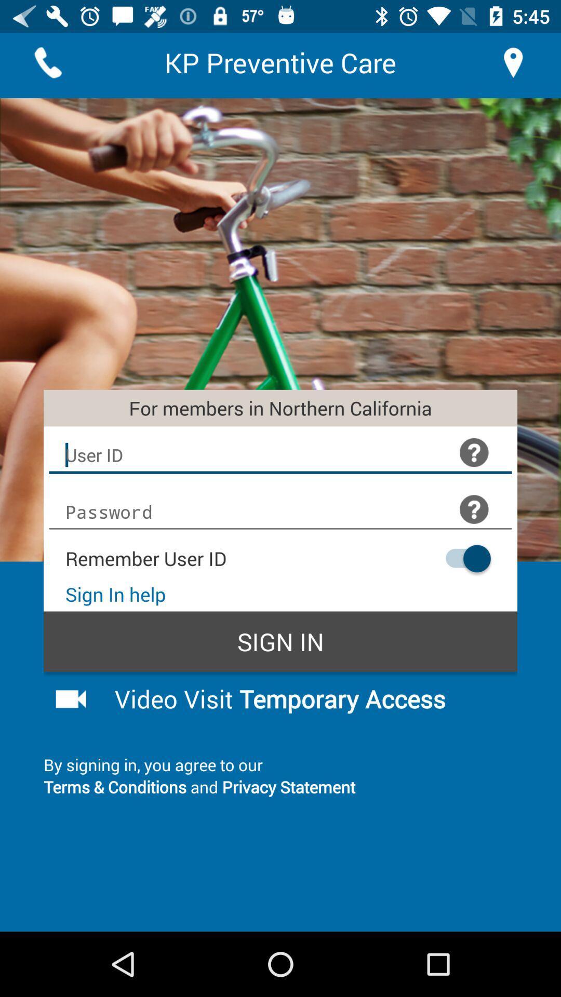  I want to click on the call icon, so click(47, 62).